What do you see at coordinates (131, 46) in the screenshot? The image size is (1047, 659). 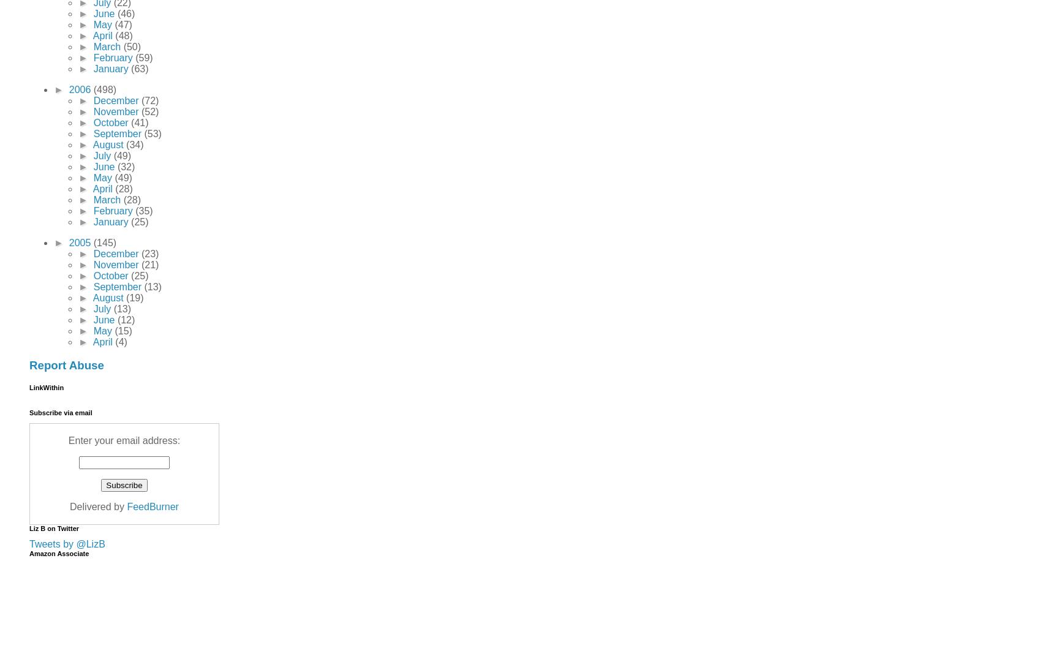 I see `'(50)'` at bounding box center [131, 46].